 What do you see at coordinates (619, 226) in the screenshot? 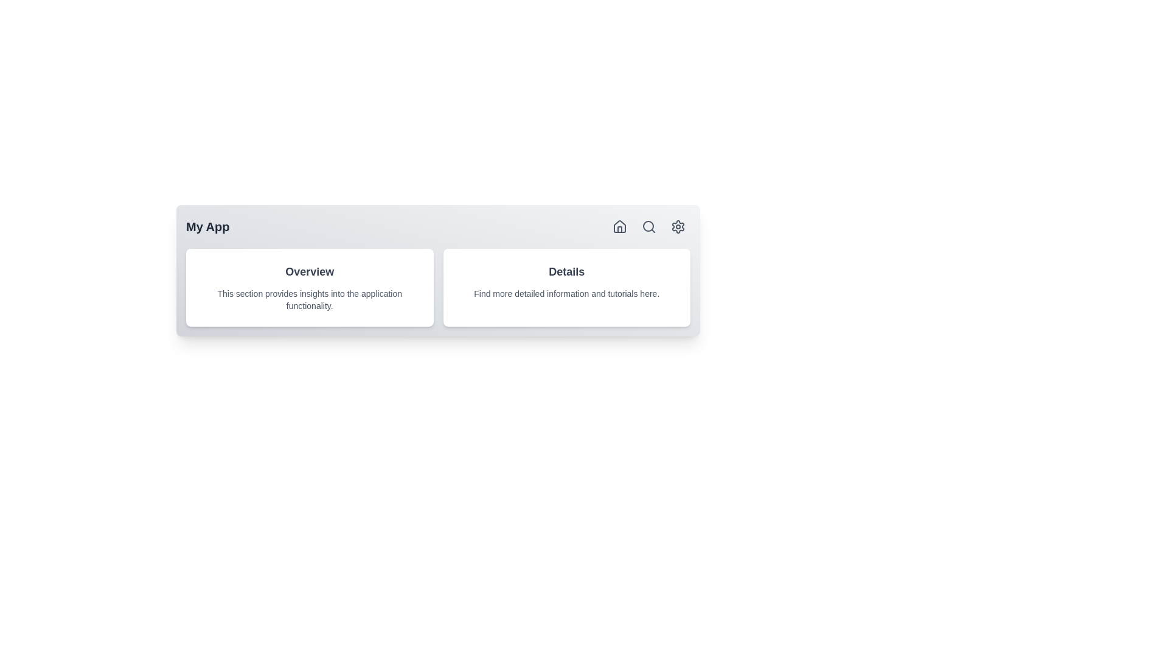
I see `the 'home' icon located in the top-right corner of the navigation bar` at bounding box center [619, 226].